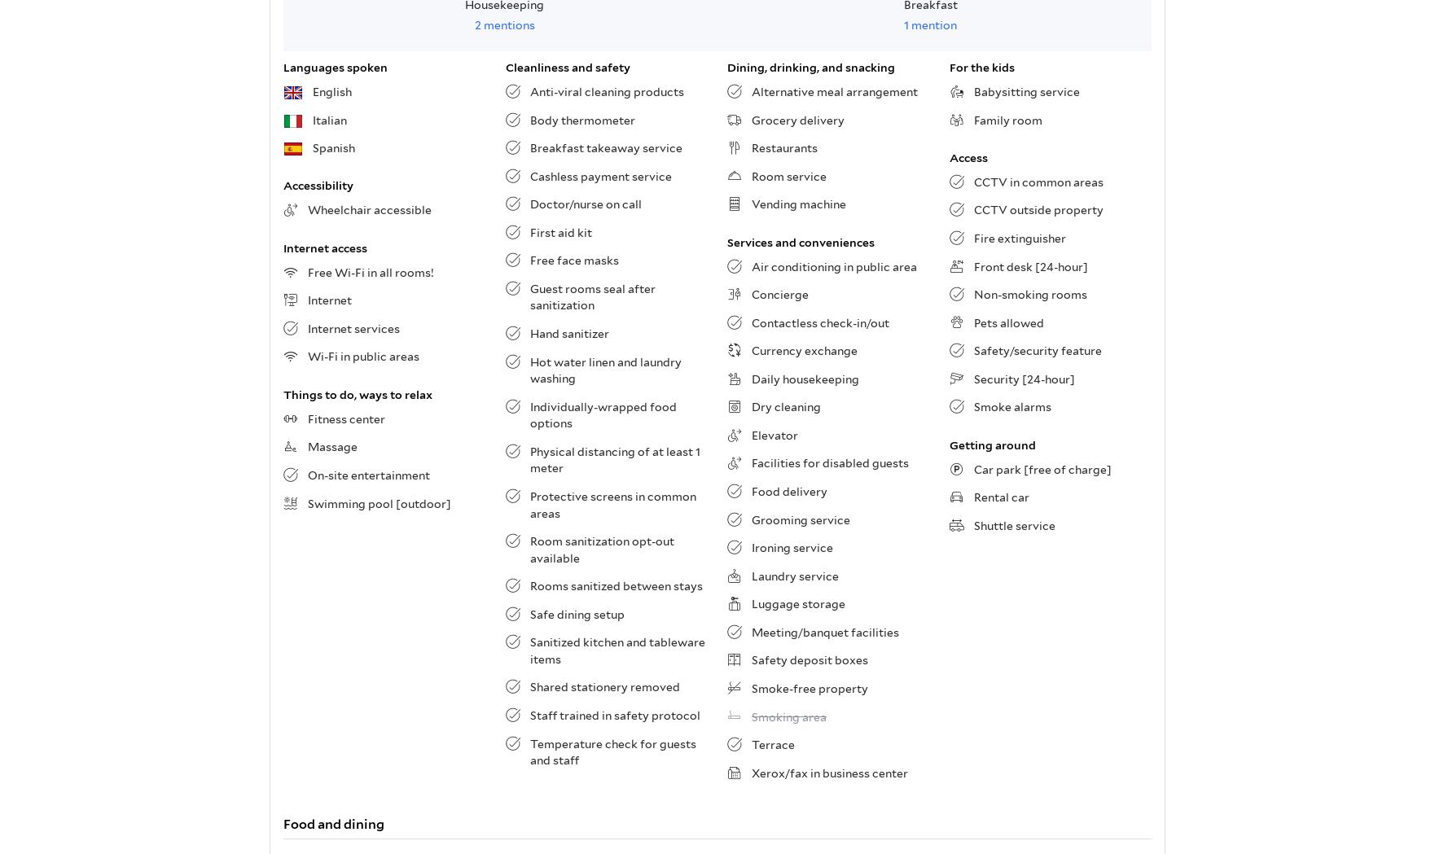  What do you see at coordinates (346, 418) in the screenshot?
I see `'Fitness center'` at bounding box center [346, 418].